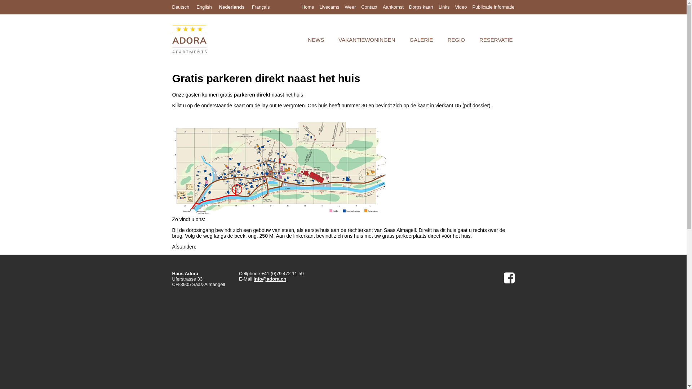 The image size is (692, 389). Describe the element at coordinates (369, 7) in the screenshot. I see `'Contact'` at that location.